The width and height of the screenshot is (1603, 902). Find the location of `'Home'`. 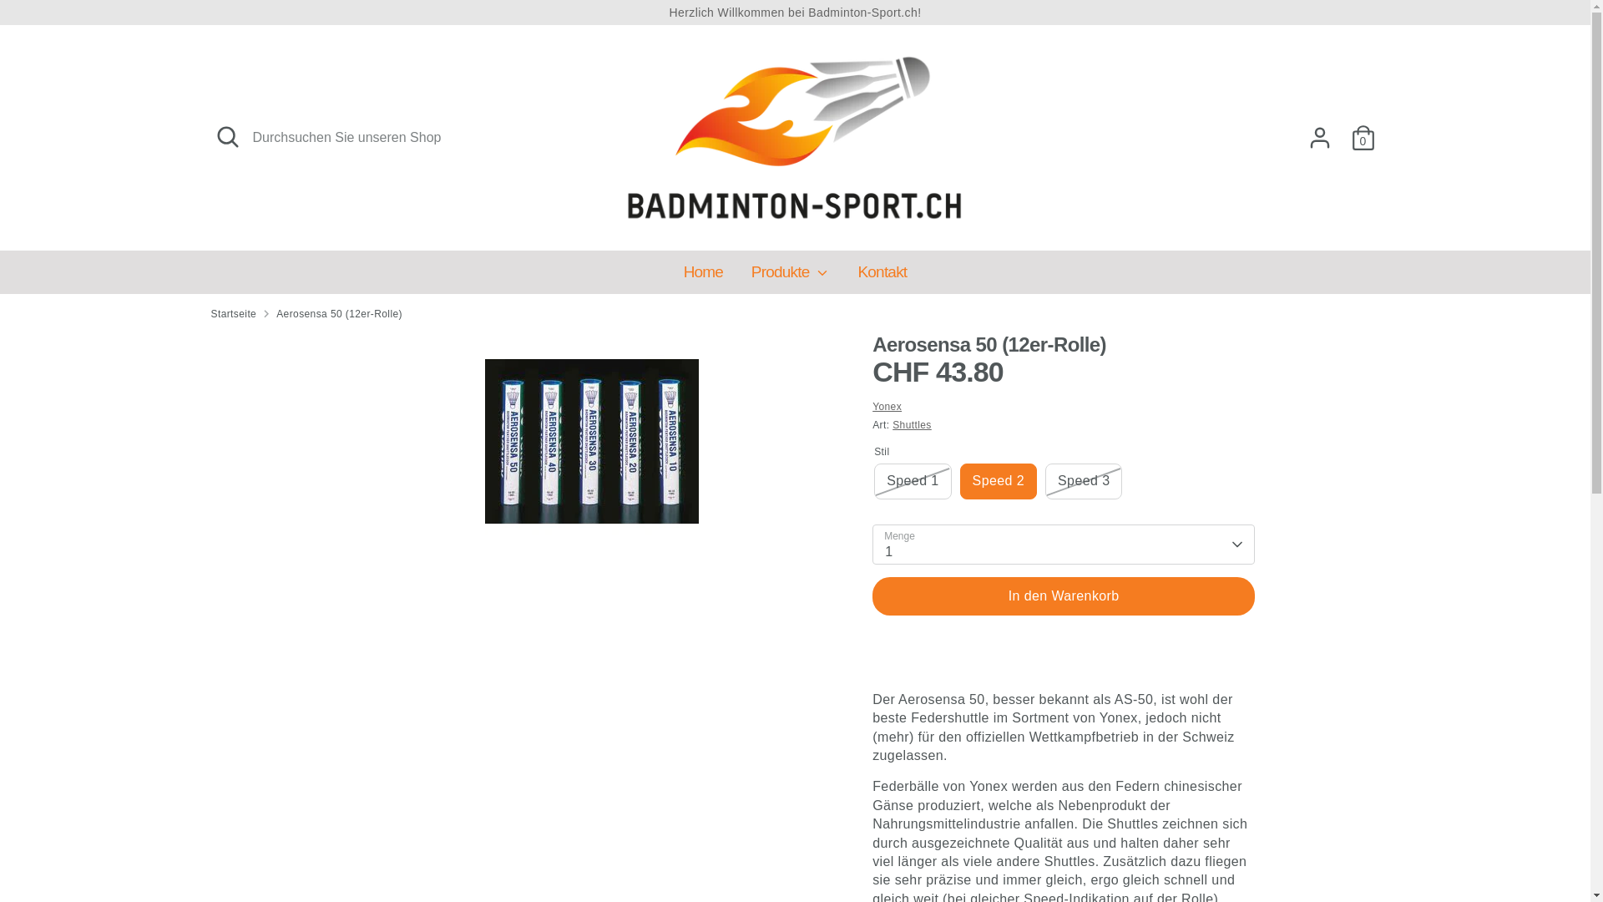

'Home' is located at coordinates (703, 276).